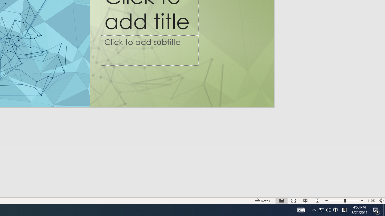 Image resolution: width=385 pixels, height=216 pixels. What do you see at coordinates (371, 201) in the screenshot?
I see `'Zoom 110%'` at bounding box center [371, 201].